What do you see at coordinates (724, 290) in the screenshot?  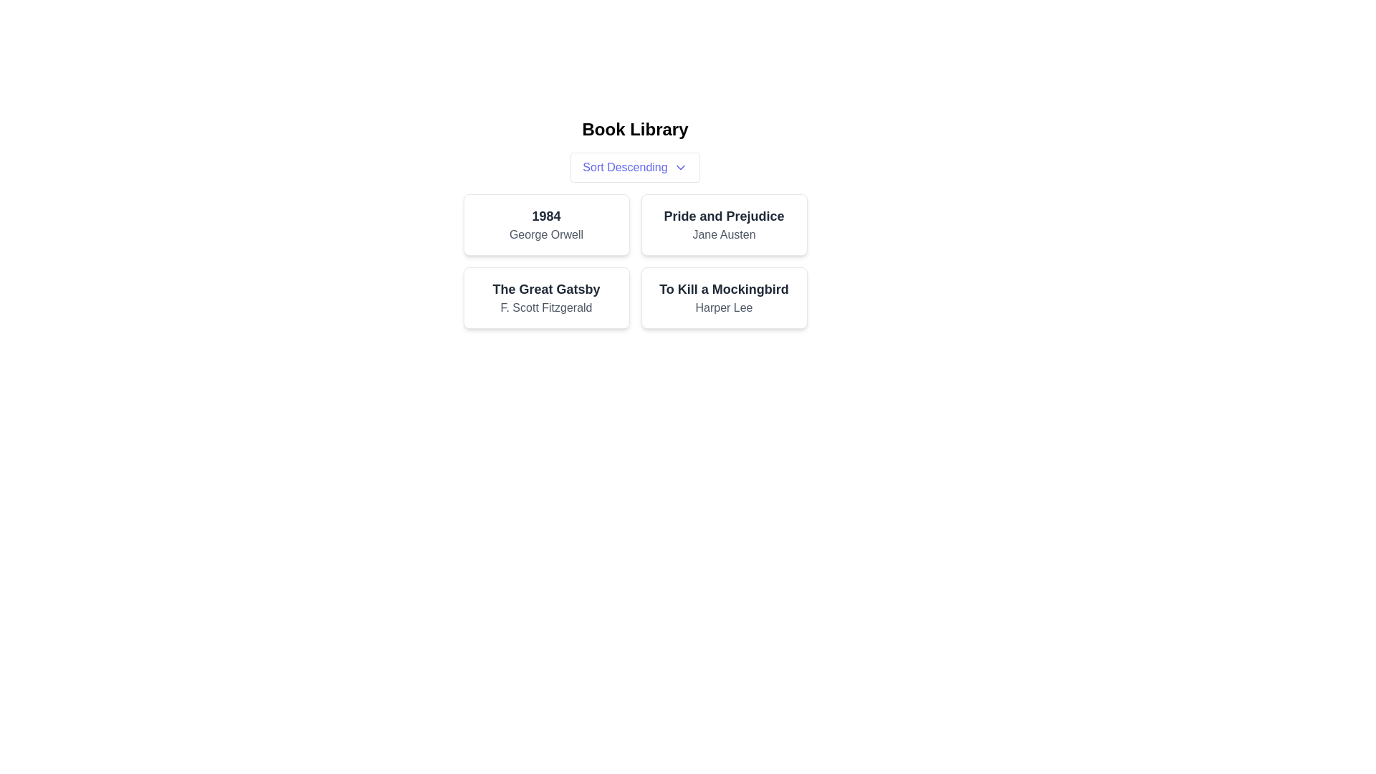 I see `the text label displaying 'To Kill a Mockingbird', which is prominently styled in dark gray and located in the lower right card under the 'Book Library' heading` at bounding box center [724, 290].